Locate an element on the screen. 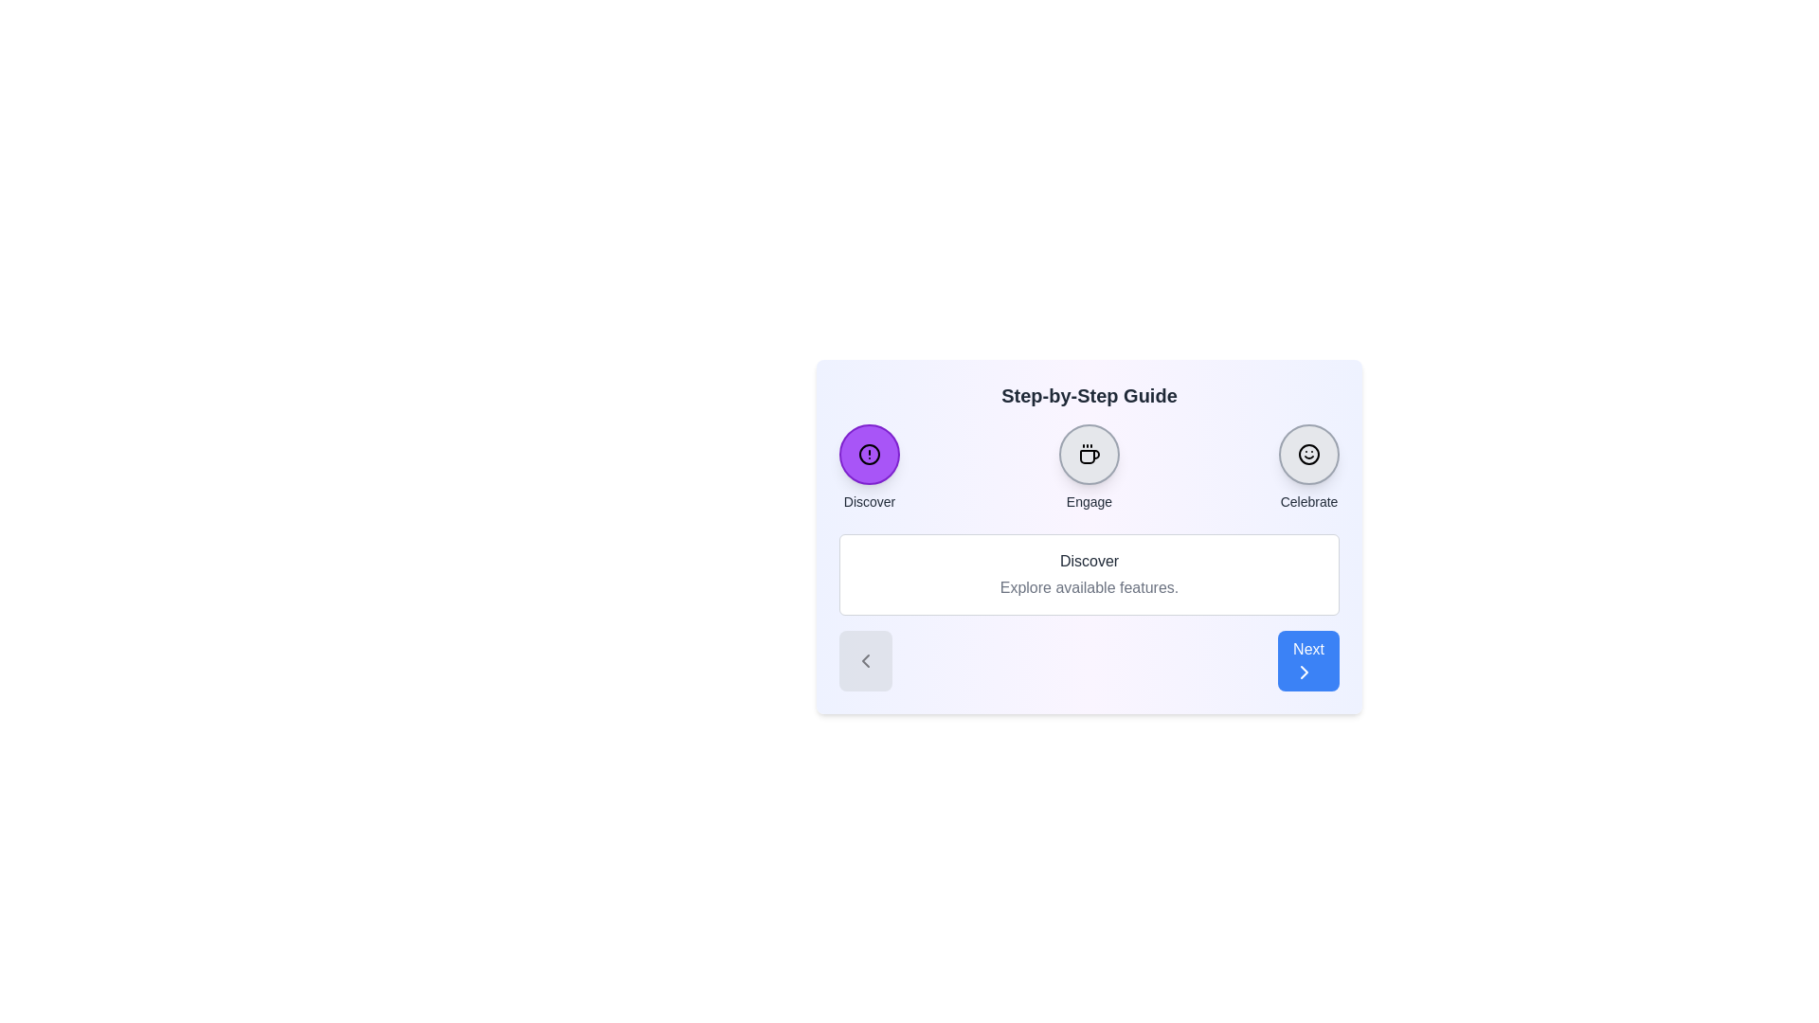  the circular gray button with a left-pointing chevron symbol is located at coordinates (864, 660).